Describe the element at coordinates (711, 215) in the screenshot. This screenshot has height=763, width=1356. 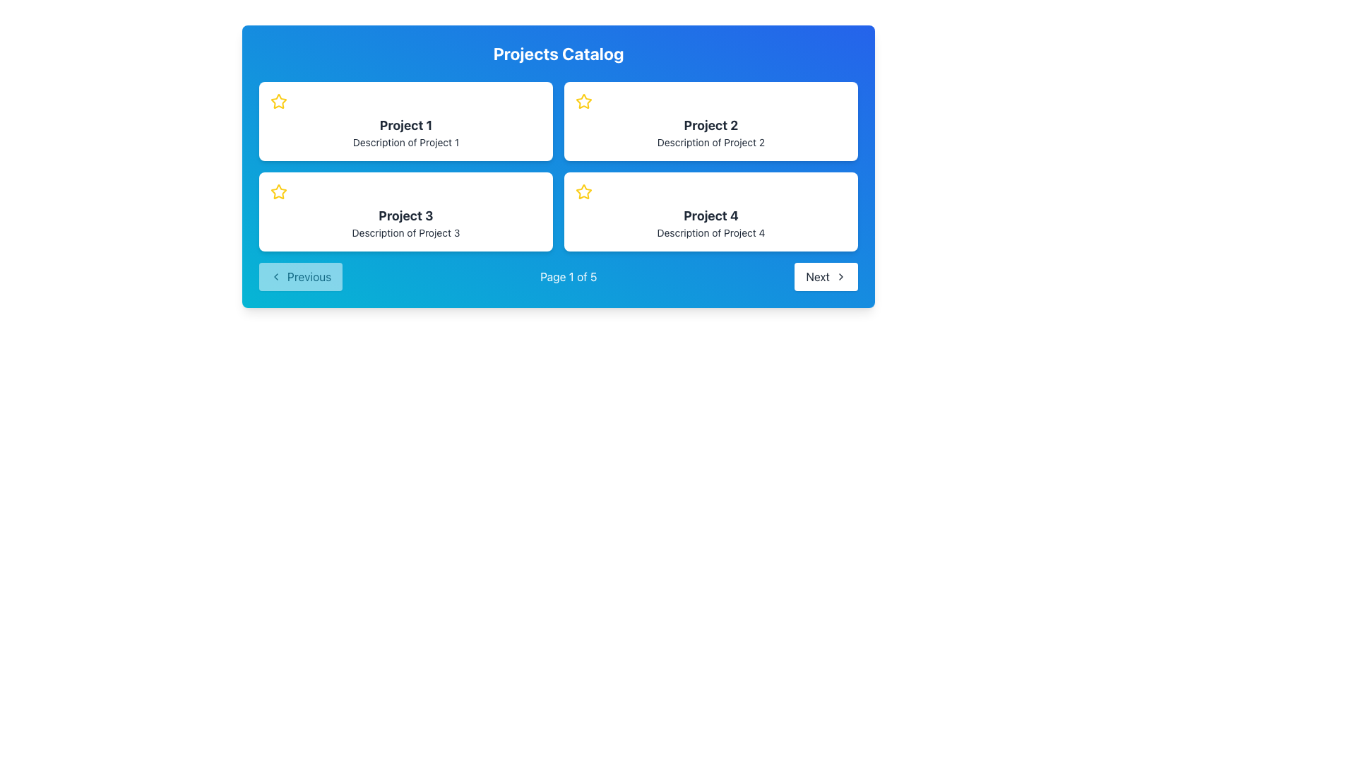
I see `the 'Project 4' label` at that location.